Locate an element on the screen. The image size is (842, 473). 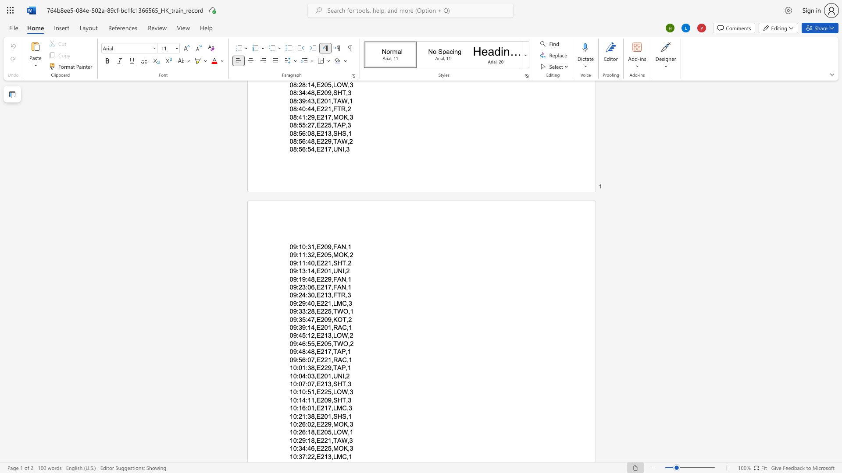
the subset text "21" within the text "10:37:22,E213,LMC,1" is located at coordinates (320, 456).